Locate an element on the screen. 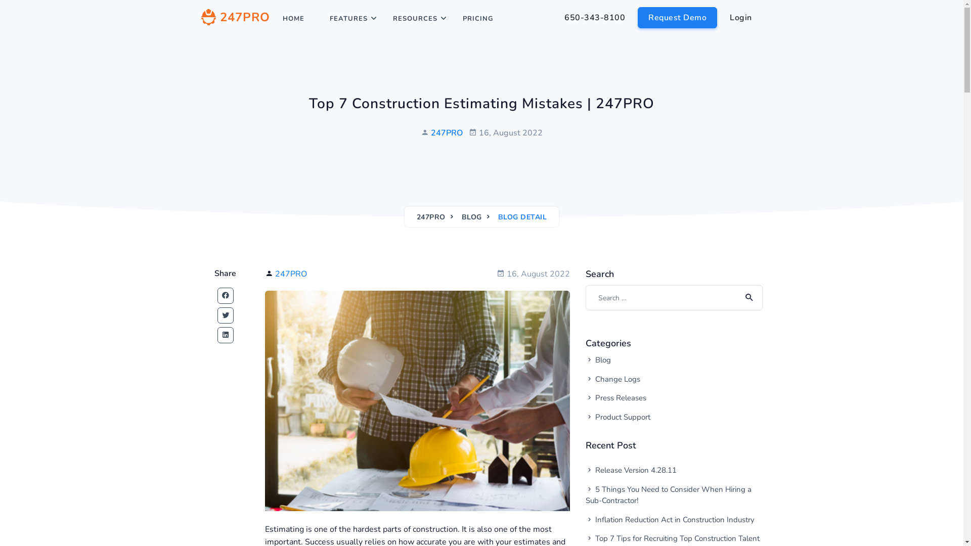  '247PRO' is located at coordinates (446, 132).